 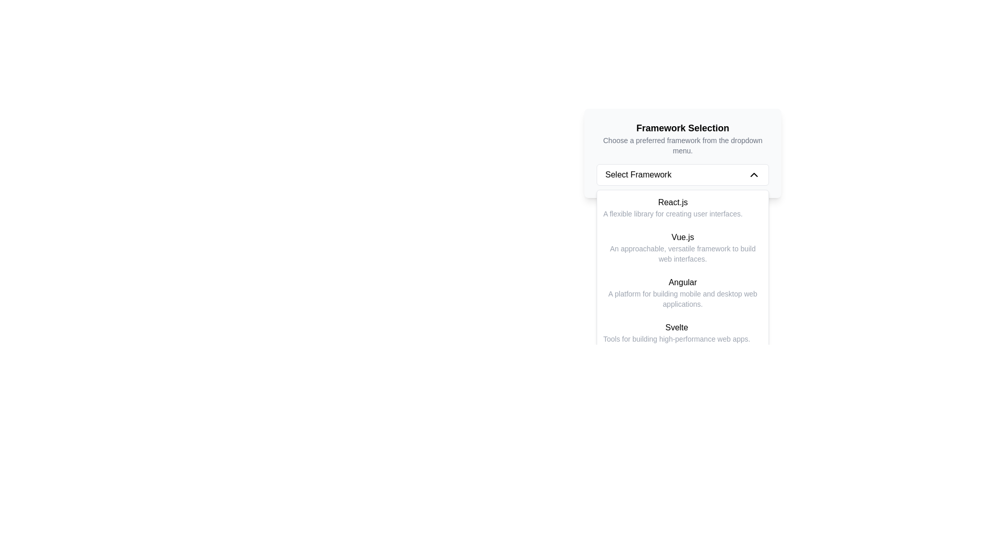 What do you see at coordinates (677, 332) in the screenshot?
I see `List item with header 'Svelte' and subheader 'Tools for building high-performance web apps.' for informational purposes` at bounding box center [677, 332].